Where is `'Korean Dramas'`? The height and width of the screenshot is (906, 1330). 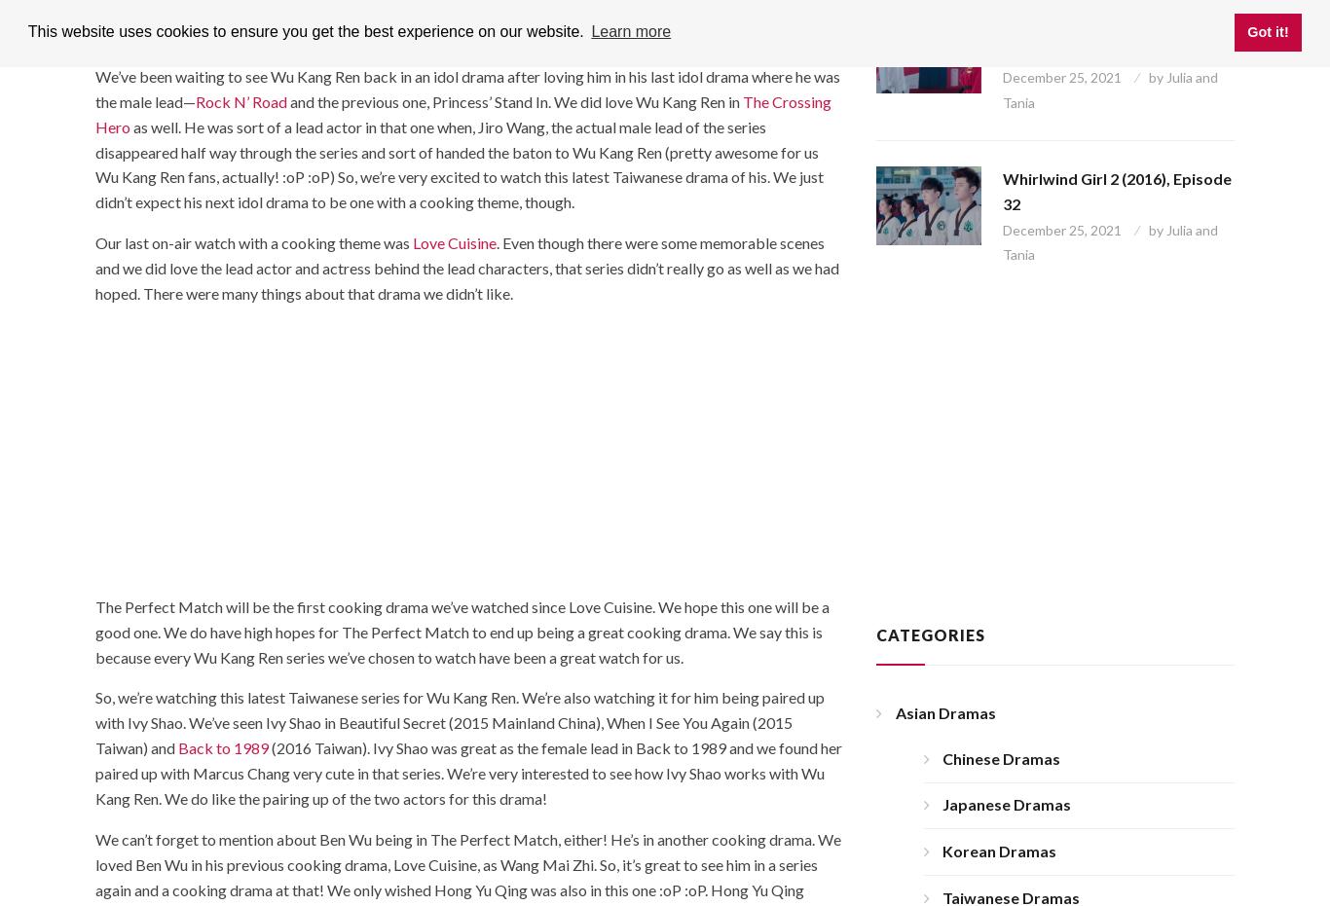 'Korean Dramas' is located at coordinates (998, 851).